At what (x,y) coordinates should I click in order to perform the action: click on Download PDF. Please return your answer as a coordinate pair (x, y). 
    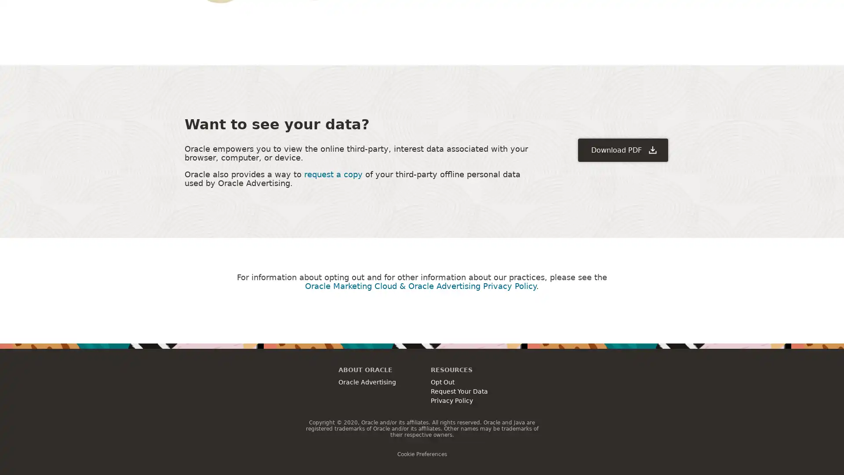
    Looking at the image, I should click on (622, 149).